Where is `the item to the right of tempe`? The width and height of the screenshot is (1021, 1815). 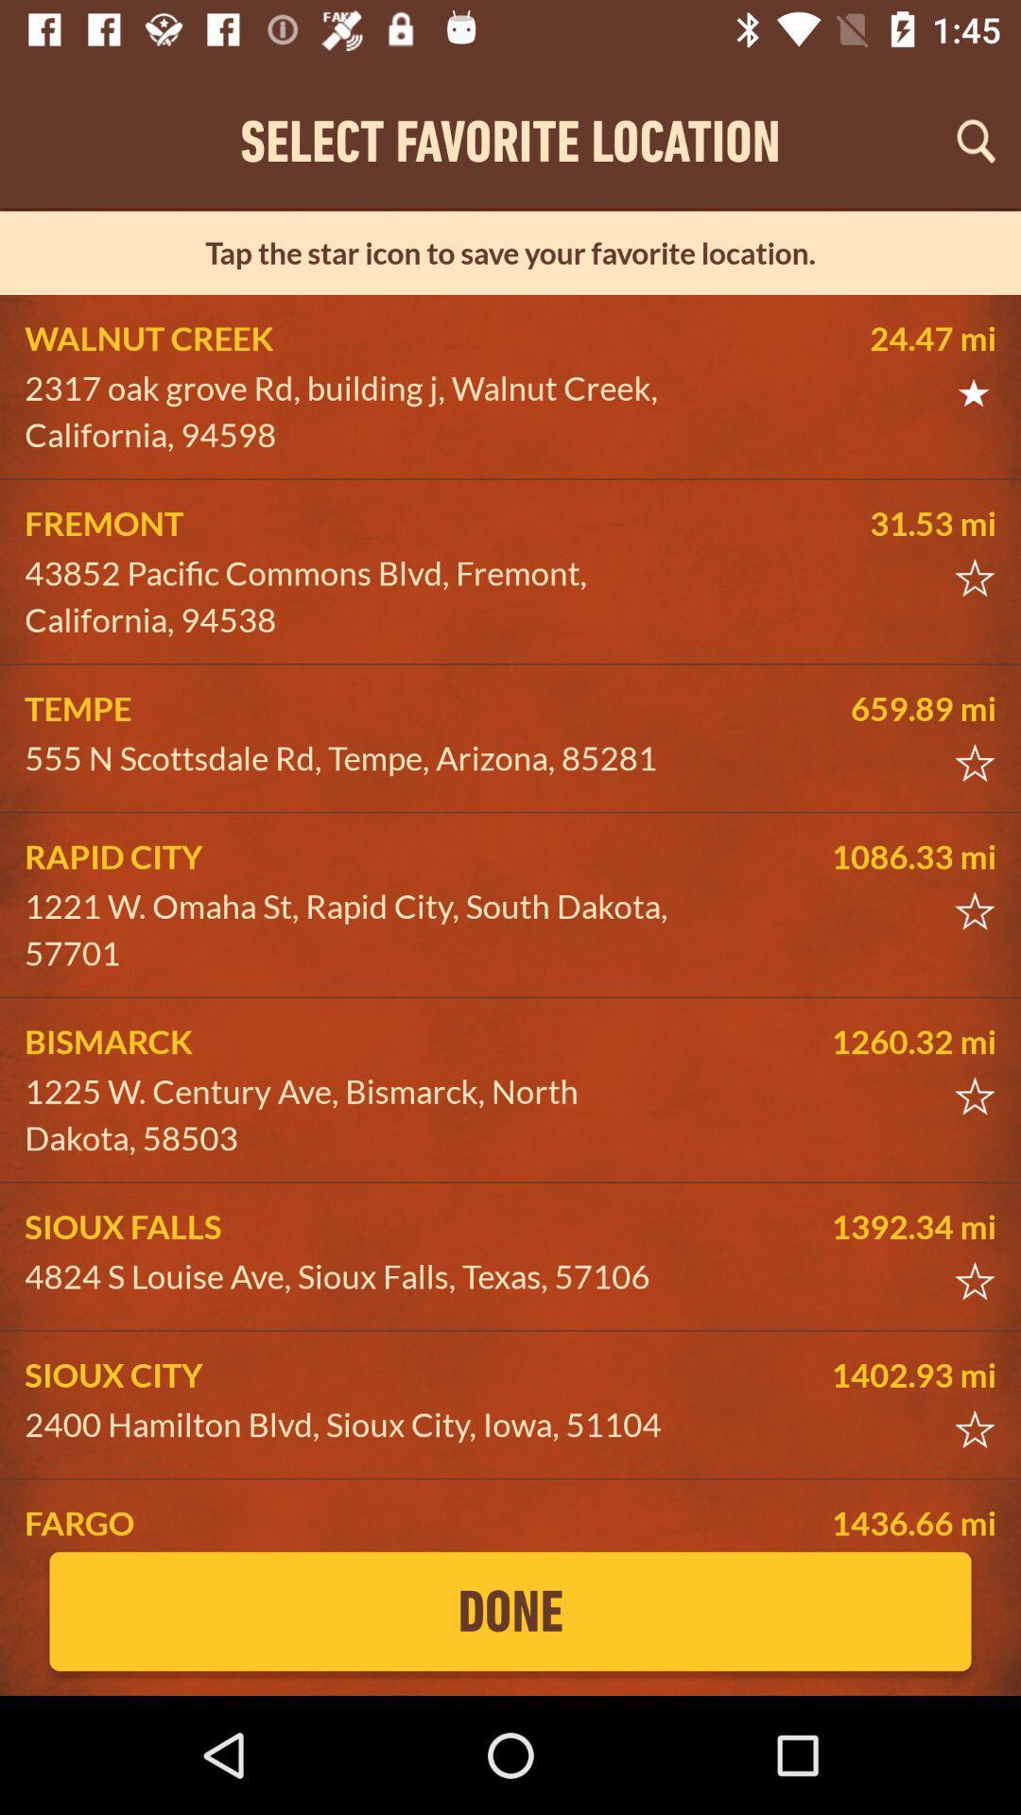
the item to the right of tempe is located at coordinates (854, 707).